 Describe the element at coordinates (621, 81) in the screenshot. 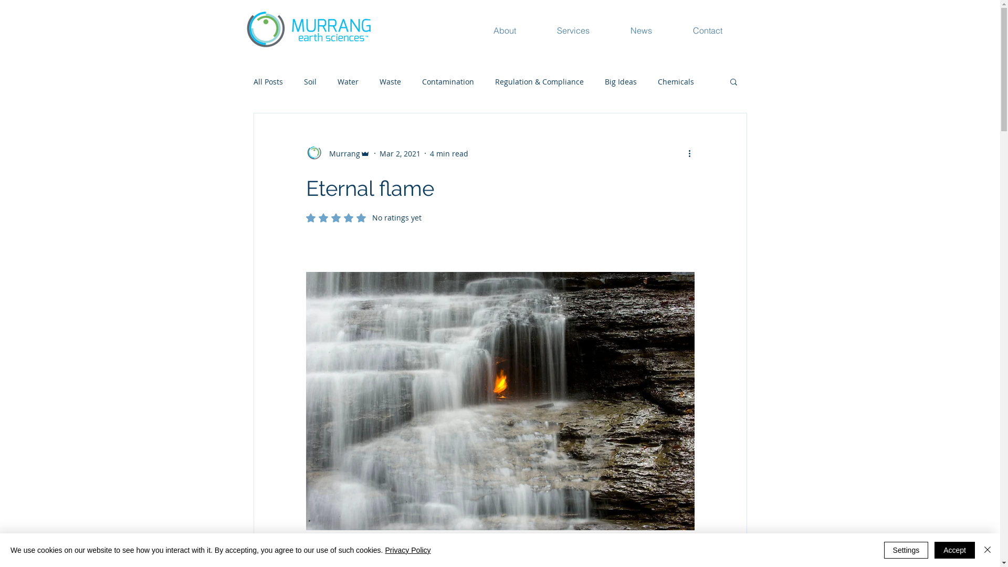

I see `'Big Ideas'` at that location.